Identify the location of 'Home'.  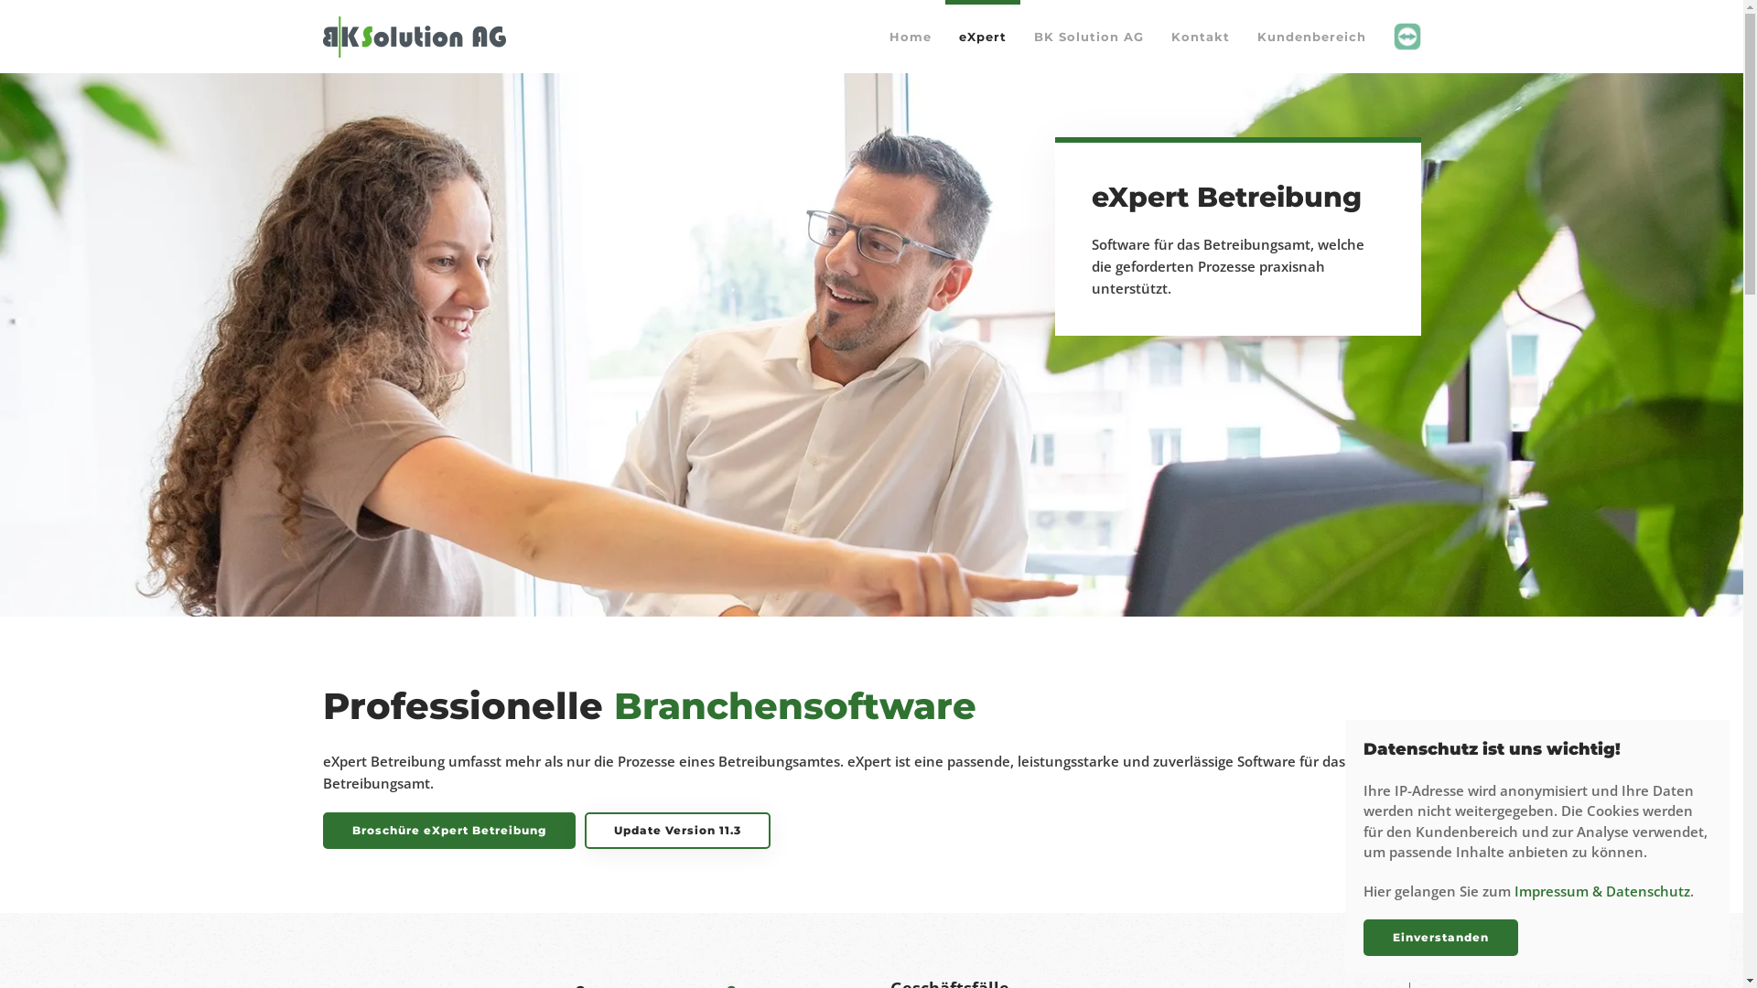
(909, 36).